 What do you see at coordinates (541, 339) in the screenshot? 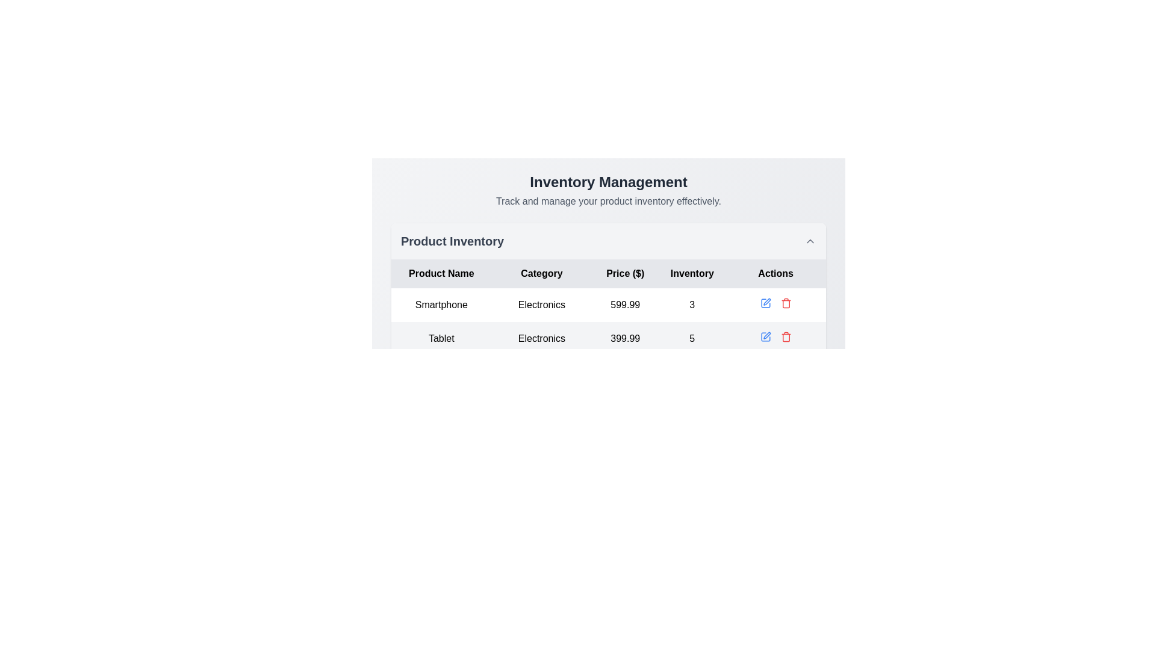
I see `the 'Electronics' text label located in the 'Category' column of the 'Product Inventory' section, which is positioned in the second row and second column of the table` at bounding box center [541, 339].